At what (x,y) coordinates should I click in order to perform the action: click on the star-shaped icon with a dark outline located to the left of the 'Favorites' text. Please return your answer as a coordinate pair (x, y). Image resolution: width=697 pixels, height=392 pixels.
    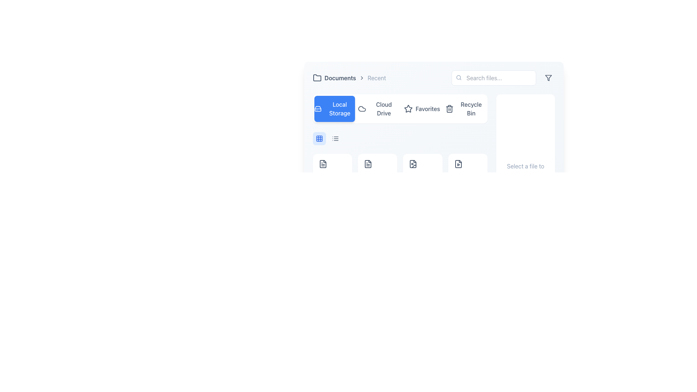
    Looking at the image, I should click on (408, 109).